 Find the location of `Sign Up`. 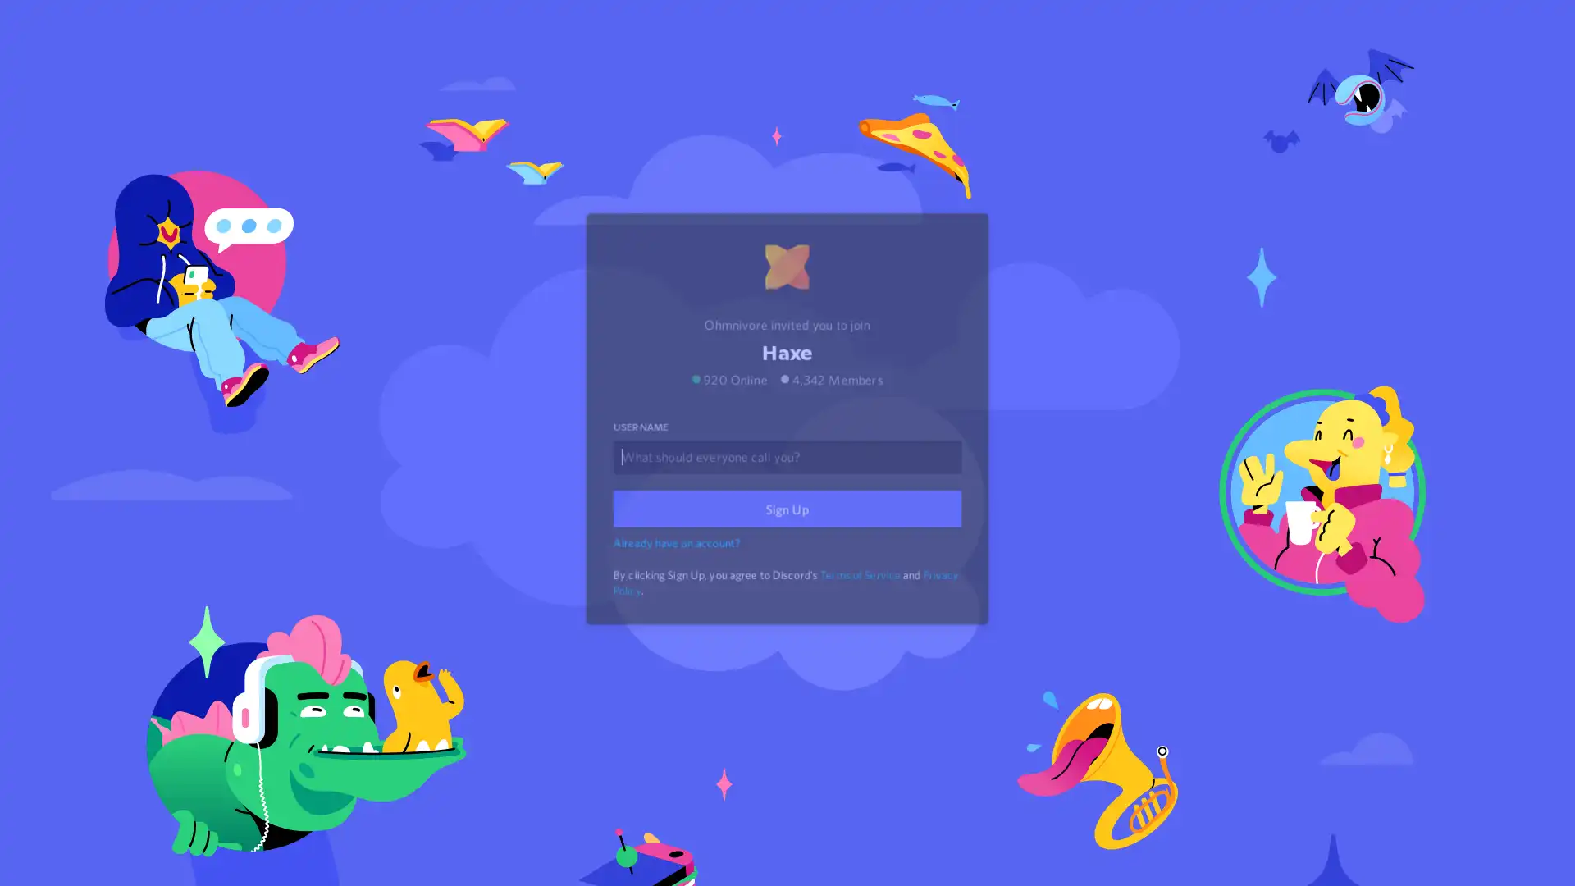

Sign Up is located at coordinates (787, 531).